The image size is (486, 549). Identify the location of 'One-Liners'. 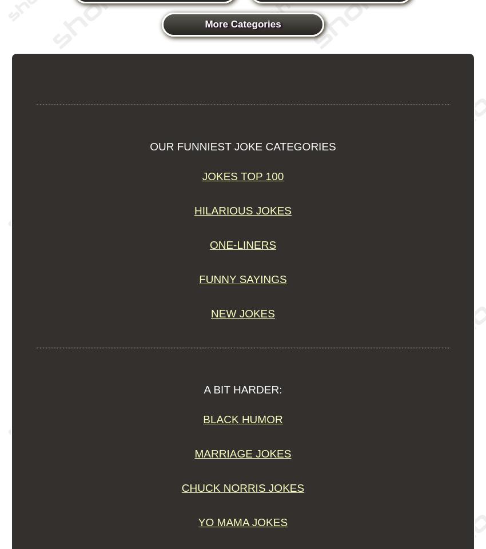
(209, 245).